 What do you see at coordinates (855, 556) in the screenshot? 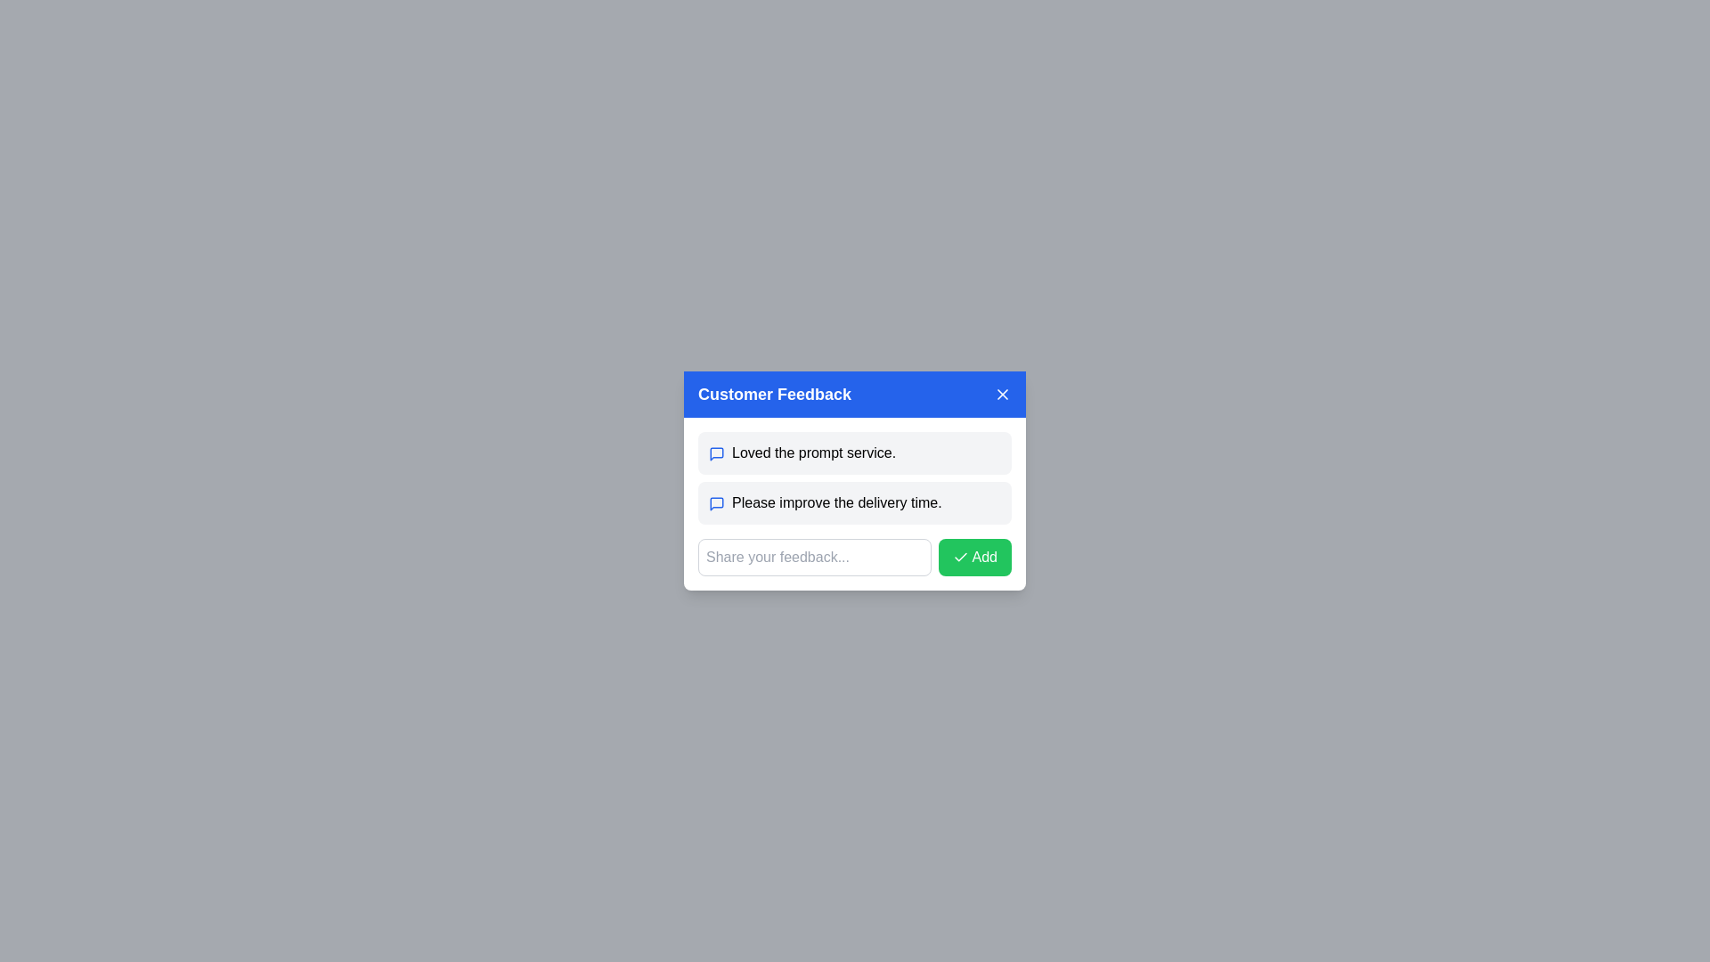
I see `the 'Add' button located at the bottom of the feedback input panel` at bounding box center [855, 556].